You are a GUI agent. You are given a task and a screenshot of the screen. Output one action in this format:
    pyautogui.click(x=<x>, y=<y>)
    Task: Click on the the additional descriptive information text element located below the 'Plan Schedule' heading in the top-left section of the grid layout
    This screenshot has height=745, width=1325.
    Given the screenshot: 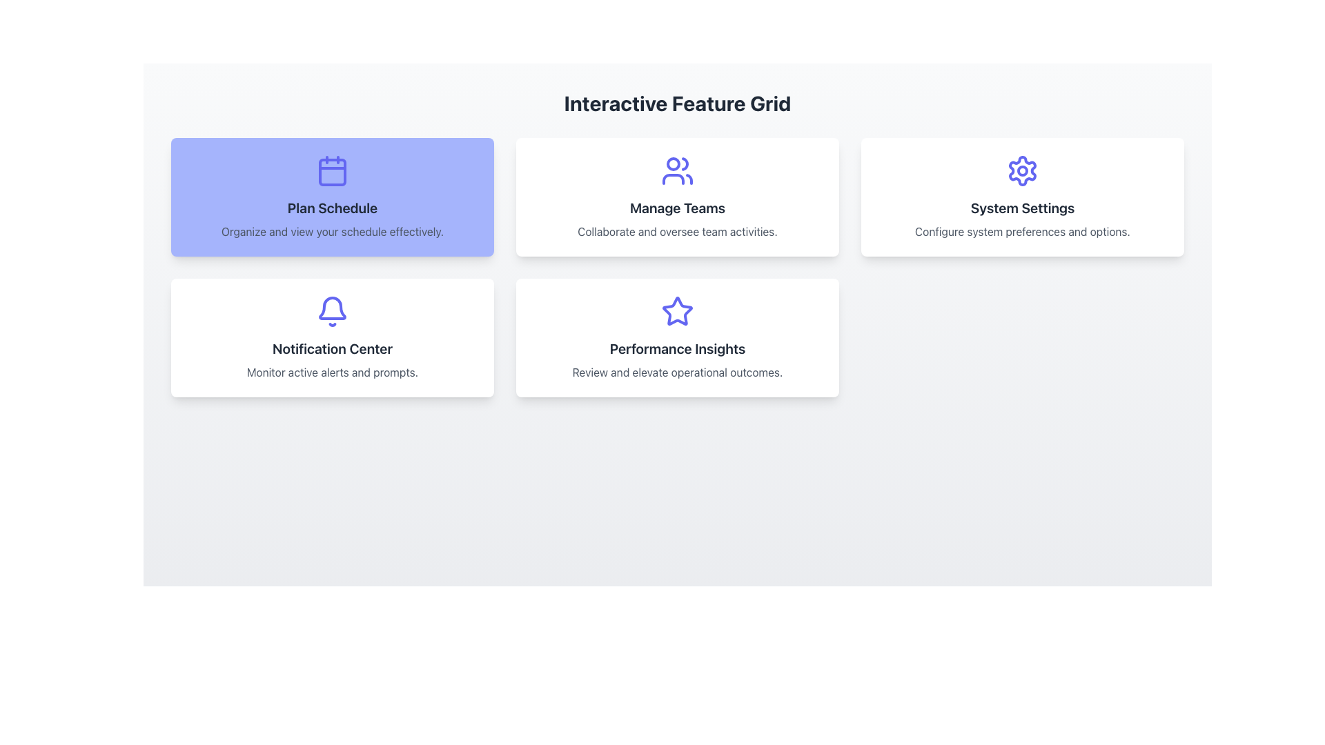 What is the action you would take?
    pyautogui.click(x=332, y=230)
    